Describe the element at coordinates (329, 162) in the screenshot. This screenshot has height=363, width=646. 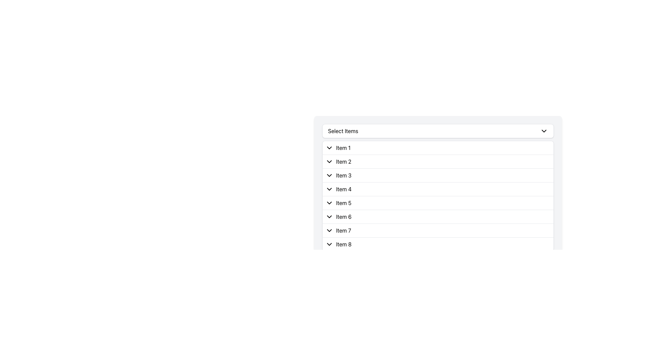
I see `the Chevron icon next to 'Item 2'` at that location.